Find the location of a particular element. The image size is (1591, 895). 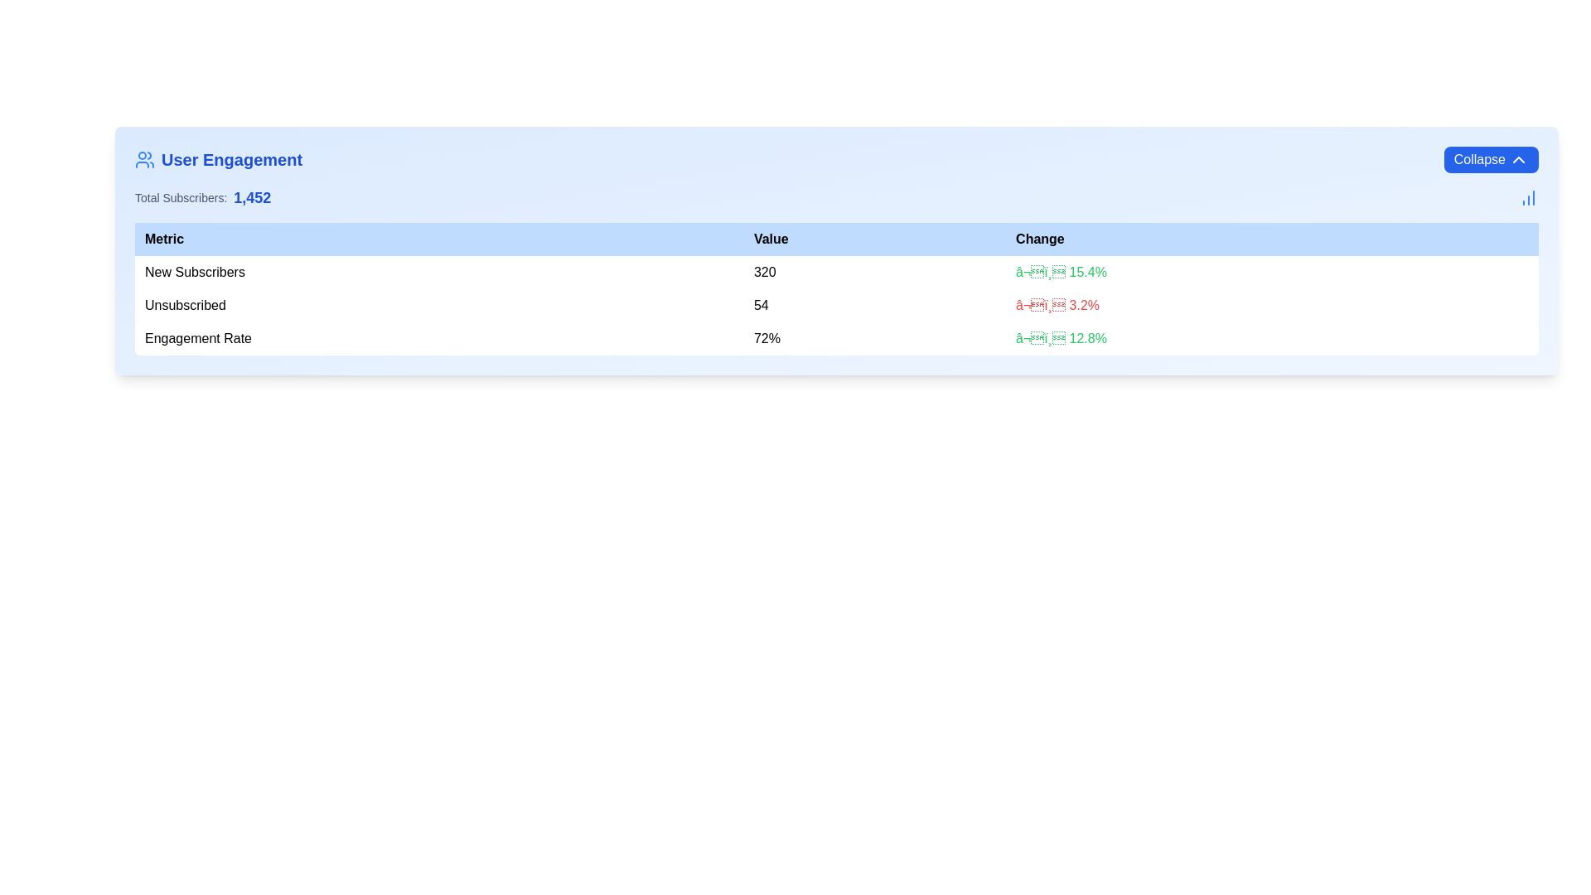

the chevron icon associated with the 'Collapse' button located at the top-right corner of the user engagement data card is located at coordinates (1519, 159).